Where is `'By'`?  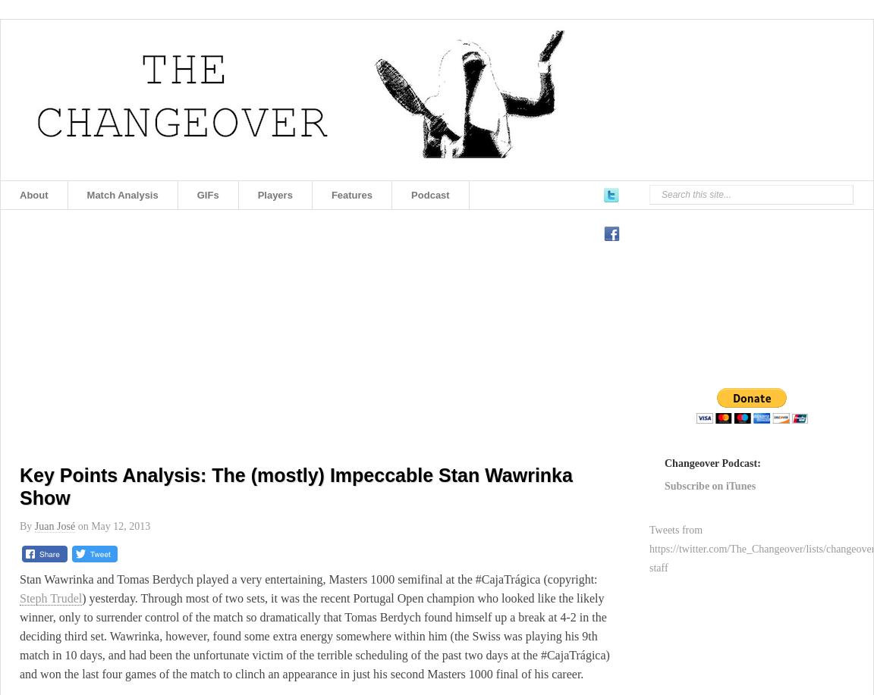
'By' is located at coordinates (26, 526).